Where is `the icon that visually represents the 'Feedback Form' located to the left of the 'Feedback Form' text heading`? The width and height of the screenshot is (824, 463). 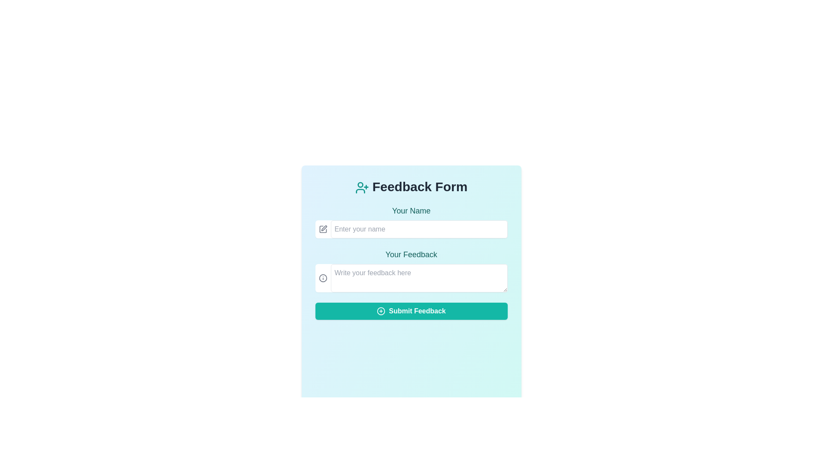 the icon that visually represents the 'Feedback Form' located to the left of the 'Feedback Form' text heading is located at coordinates (362, 187).